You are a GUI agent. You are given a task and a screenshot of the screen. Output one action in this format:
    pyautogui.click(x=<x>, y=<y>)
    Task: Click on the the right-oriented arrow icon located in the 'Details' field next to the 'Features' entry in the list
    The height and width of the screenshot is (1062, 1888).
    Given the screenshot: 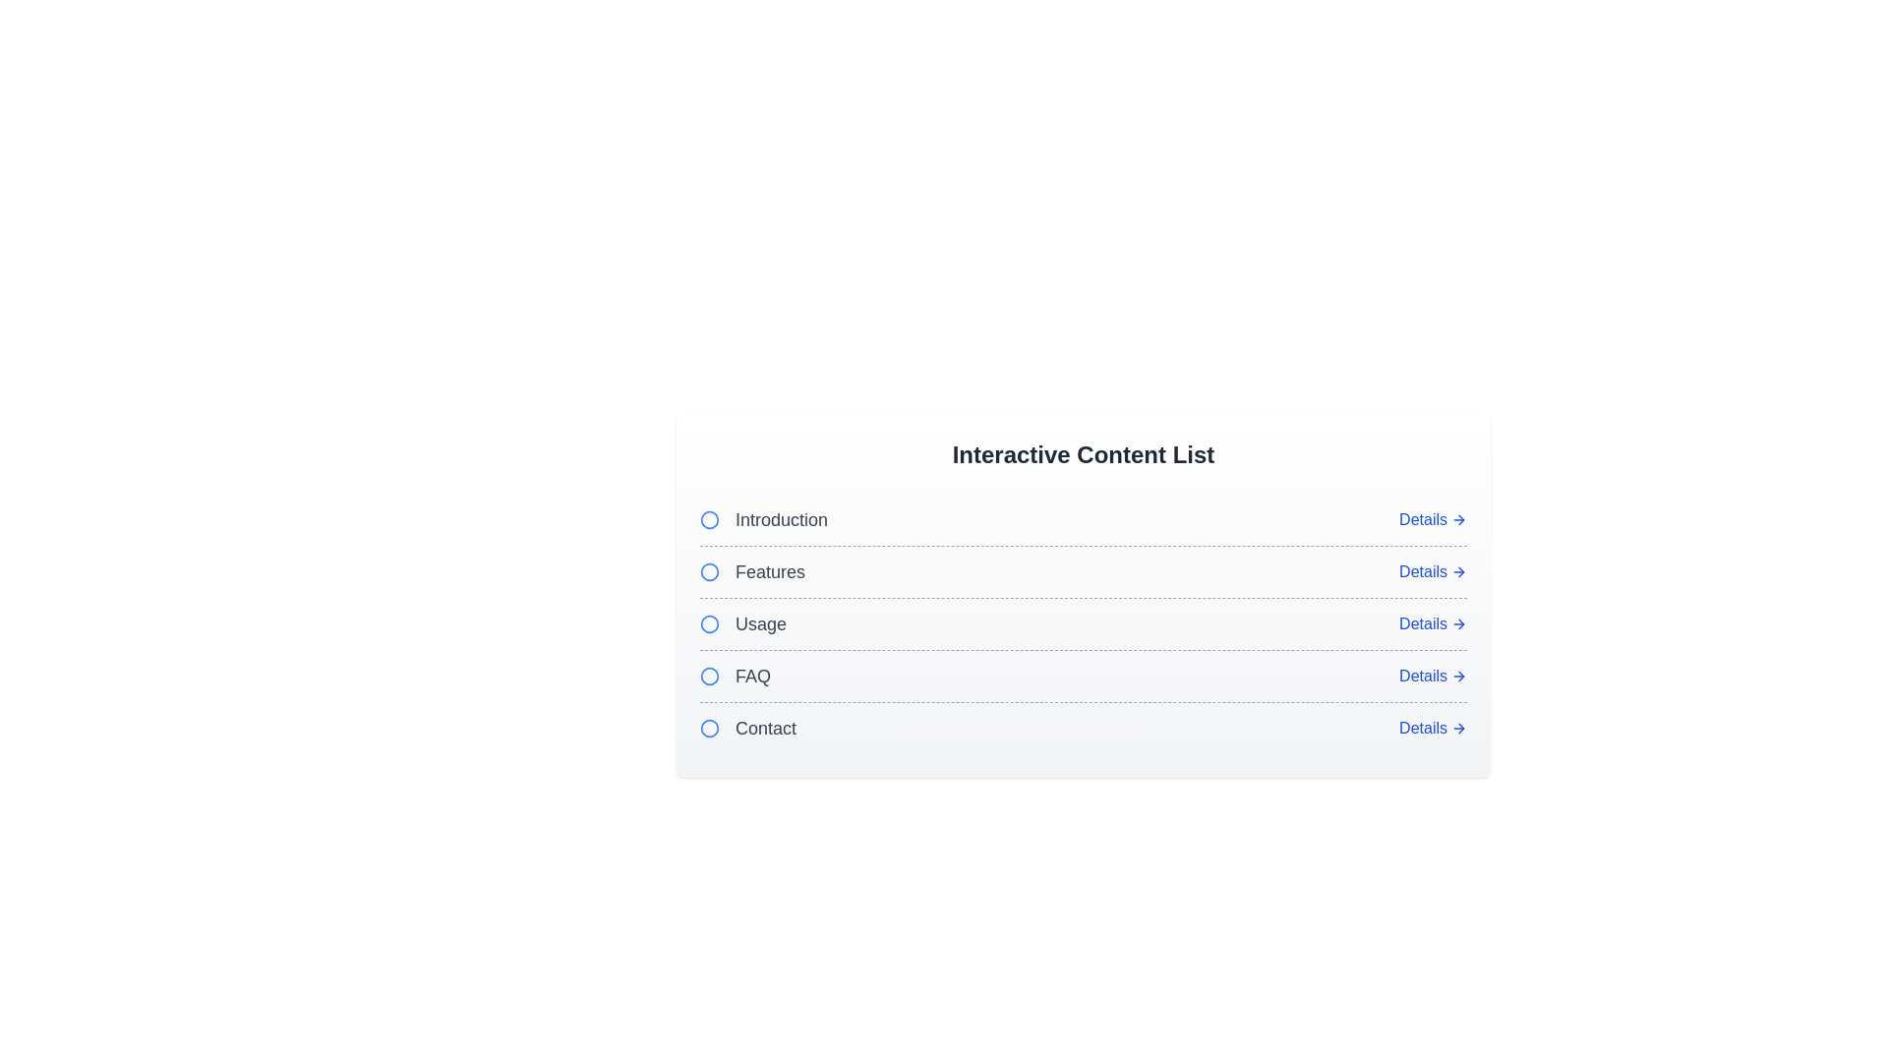 What is the action you would take?
    pyautogui.click(x=1461, y=572)
    